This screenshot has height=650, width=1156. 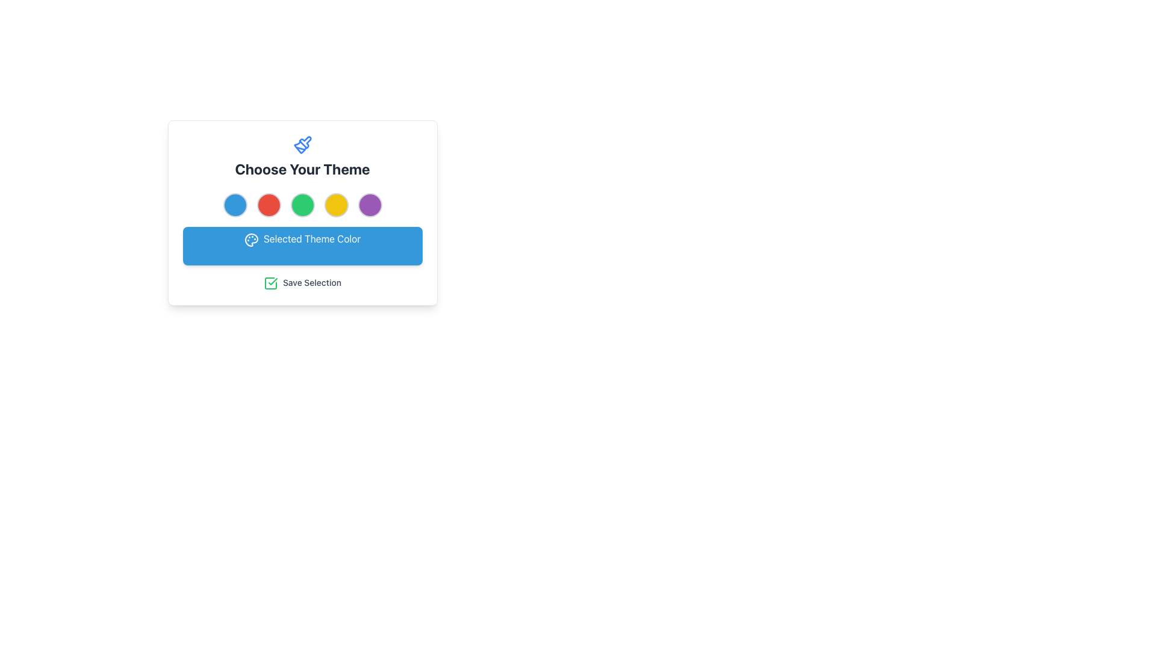 What do you see at coordinates (302, 239) in the screenshot?
I see `the Label with Icon displaying 'Selected Theme Color' which has a blue background and a palette icon, located below the theme options and above the 'Save Selection' button` at bounding box center [302, 239].